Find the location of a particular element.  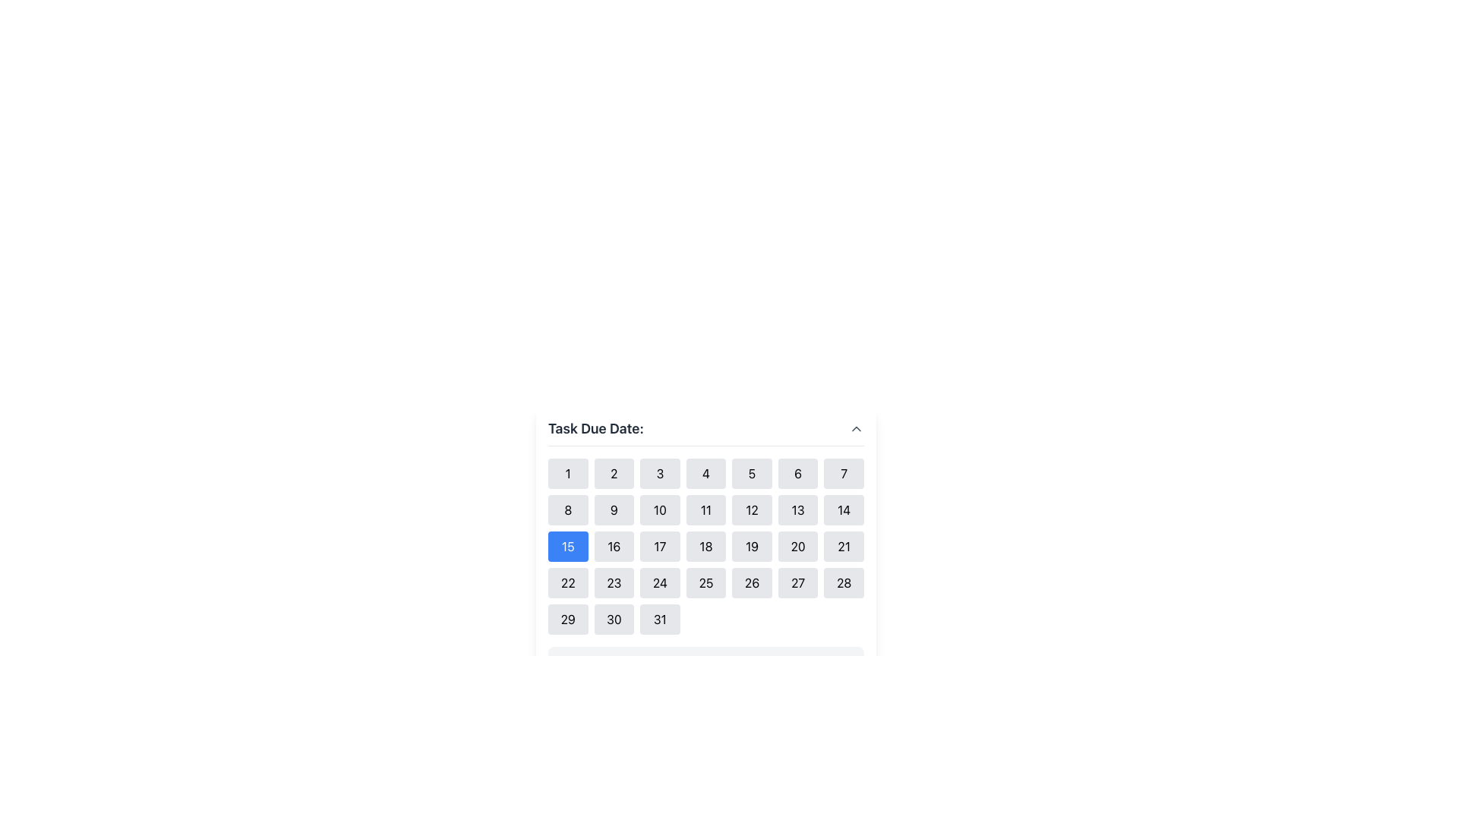

the selectable day button in the calendar widget located in the third row and fifth column is located at coordinates (752, 547).